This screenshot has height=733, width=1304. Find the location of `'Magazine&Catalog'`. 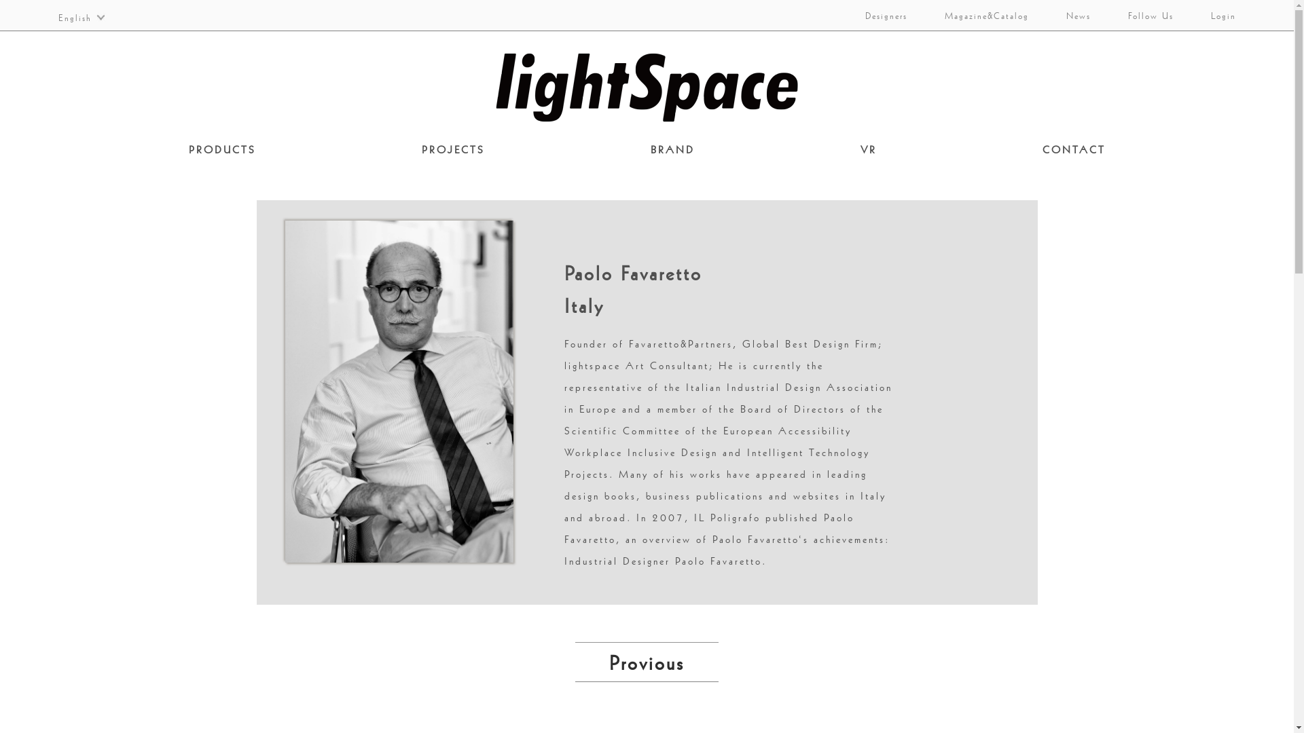

'Magazine&Catalog' is located at coordinates (978, 15).